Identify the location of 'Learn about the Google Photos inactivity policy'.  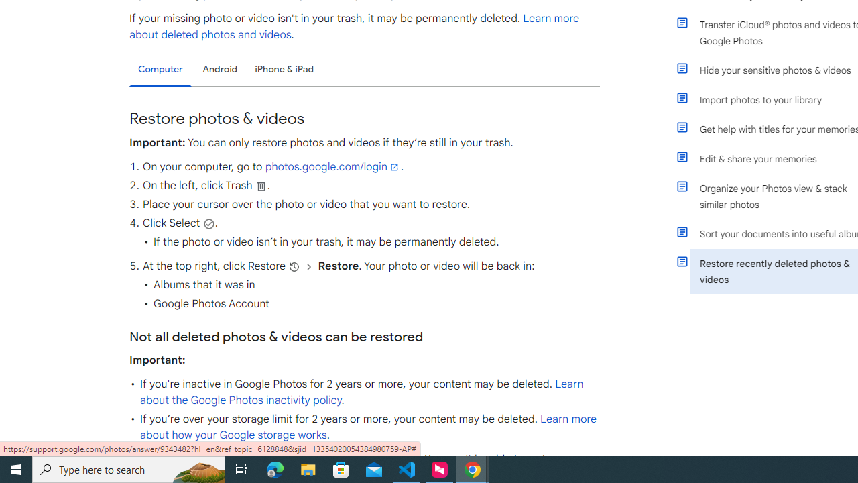
(361, 392).